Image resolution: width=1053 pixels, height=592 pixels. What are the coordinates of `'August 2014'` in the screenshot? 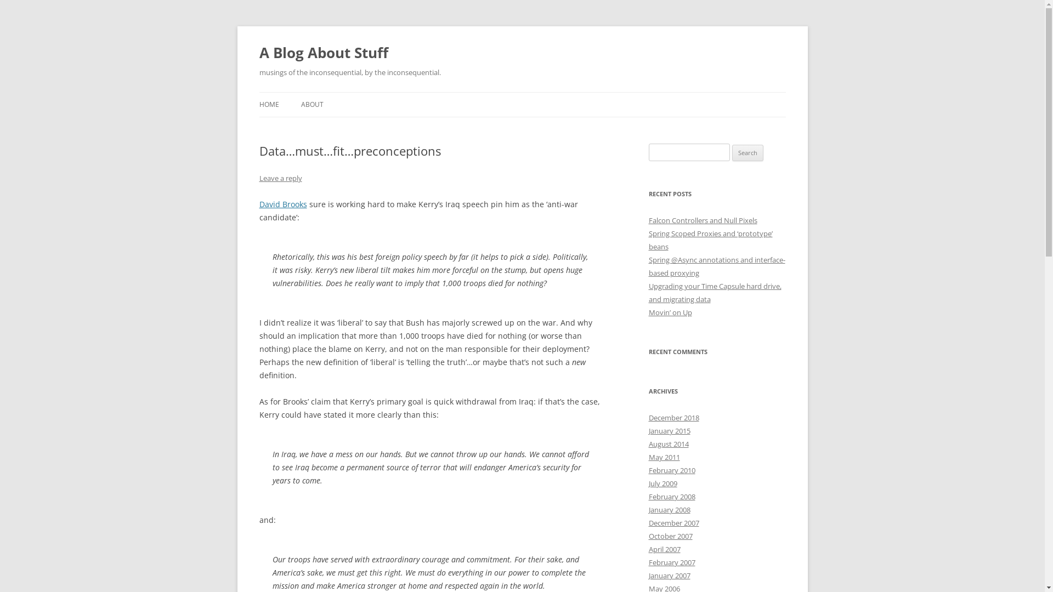 It's located at (667, 444).